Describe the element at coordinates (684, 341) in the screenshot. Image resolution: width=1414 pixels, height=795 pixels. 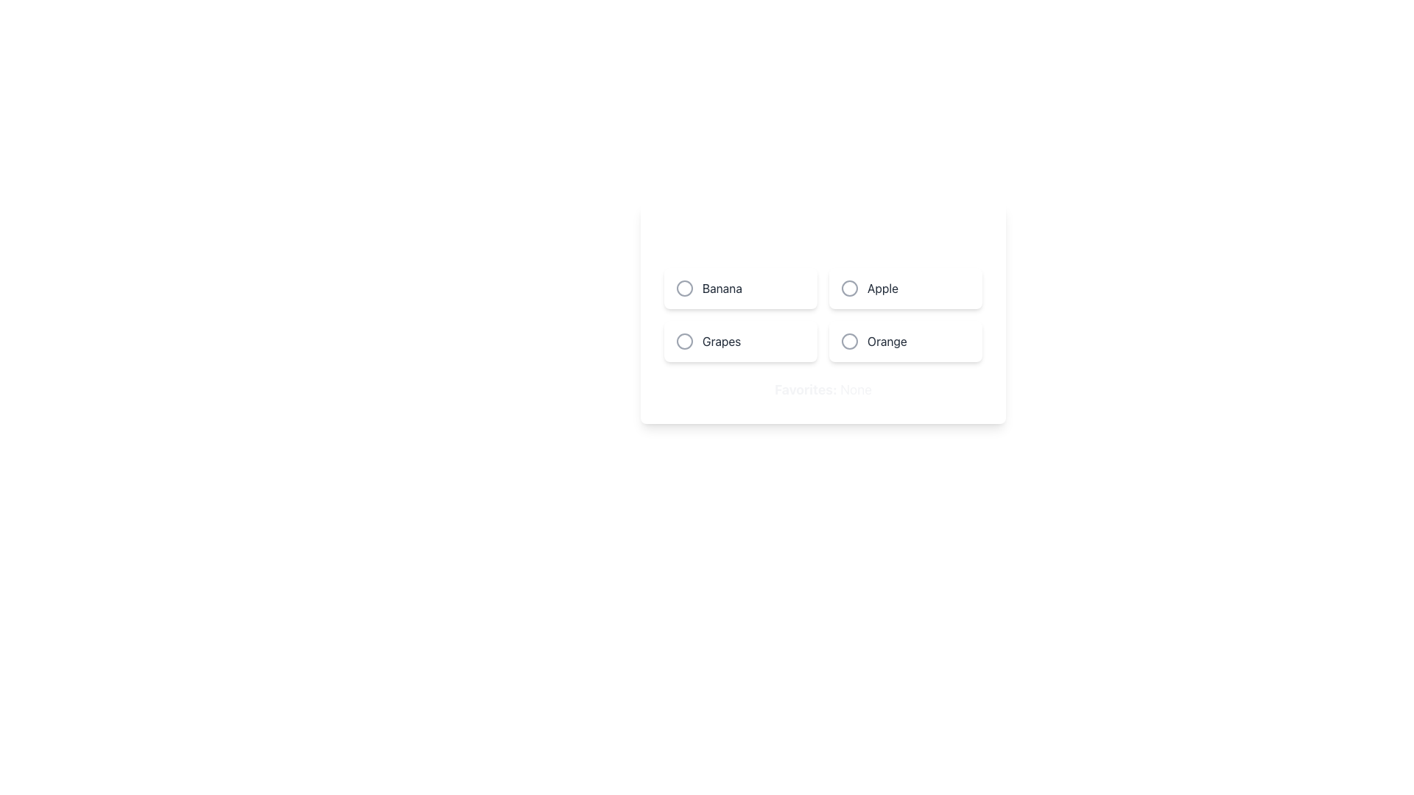
I see `the SVG circle representing the unselected state of the 'Grapes' radio button option located in the second row, first column of a 2x2 grid` at that location.